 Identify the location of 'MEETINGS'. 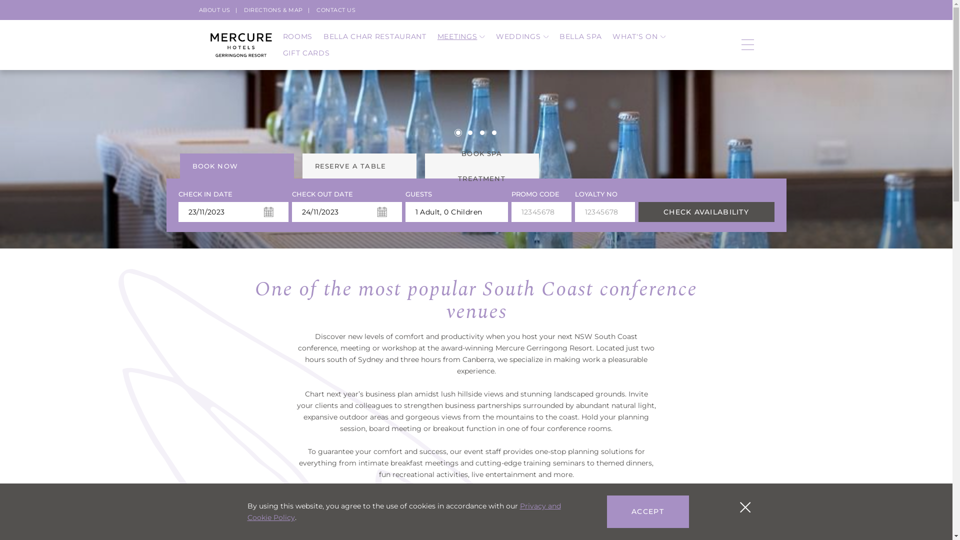
(460, 36).